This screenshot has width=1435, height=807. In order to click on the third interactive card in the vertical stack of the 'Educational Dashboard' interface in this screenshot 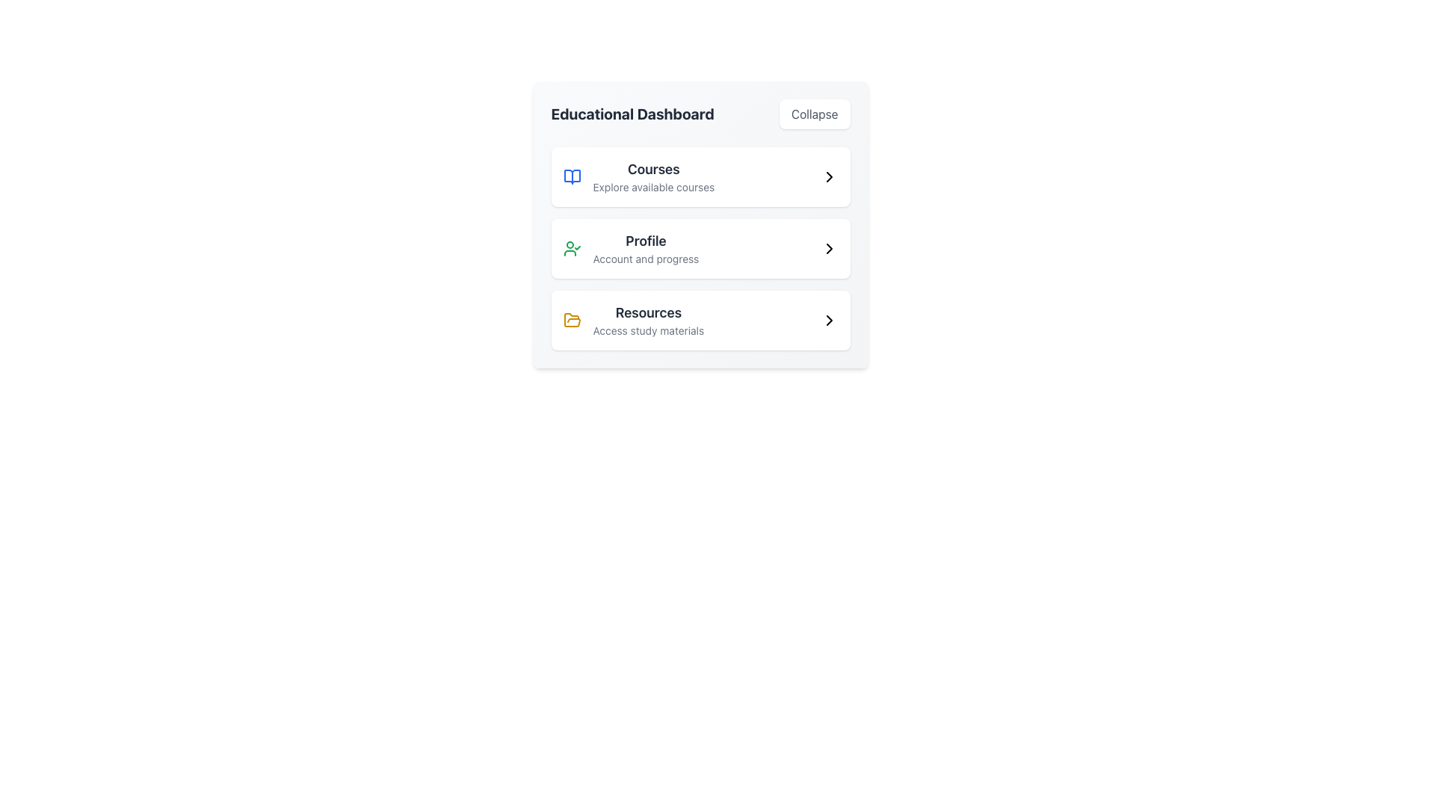, I will do `click(700, 319)`.